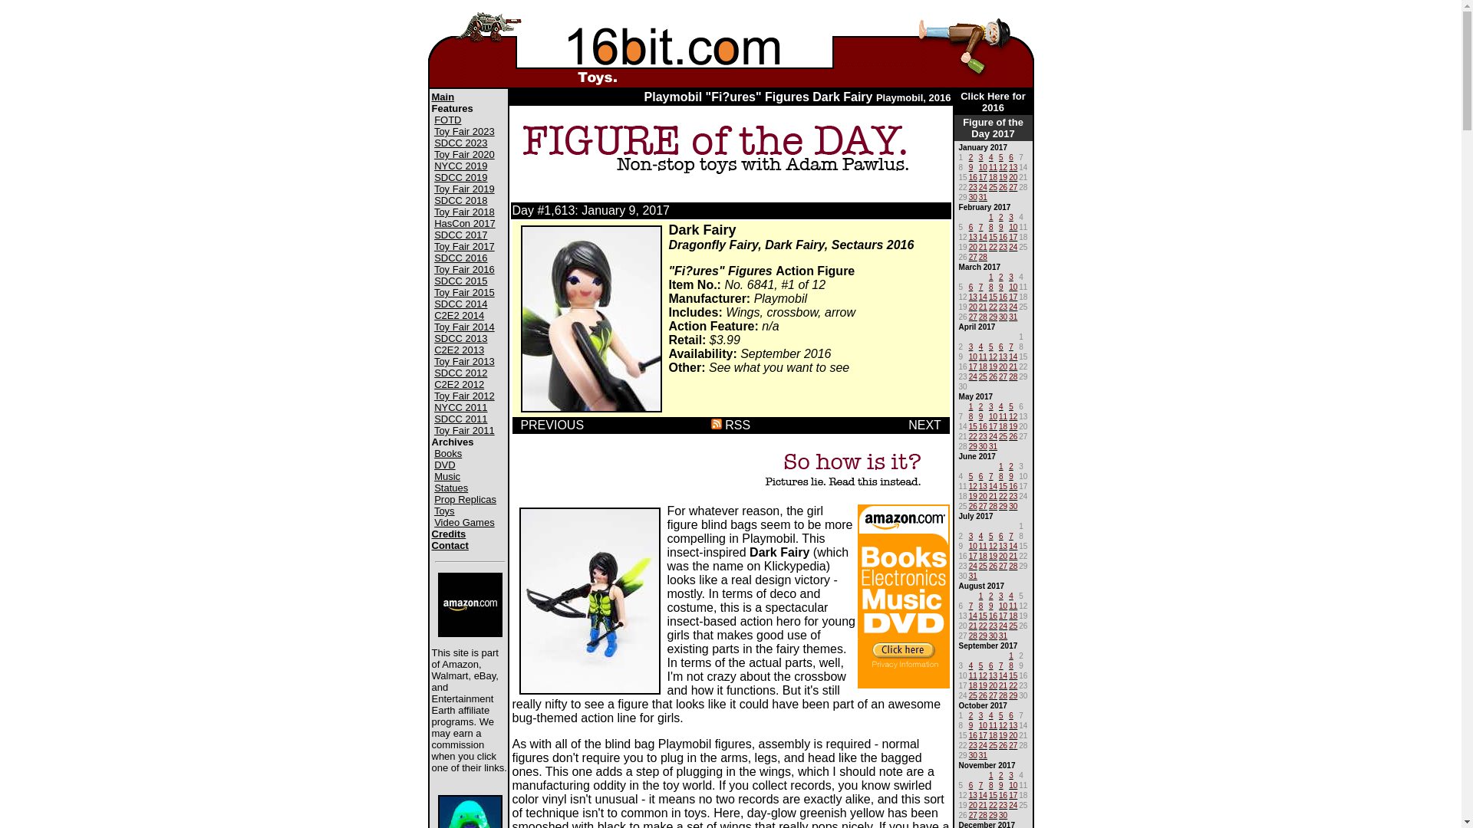  Describe the element at coordinates (983, 793) in the screenshot. I see `'14'` at that location.